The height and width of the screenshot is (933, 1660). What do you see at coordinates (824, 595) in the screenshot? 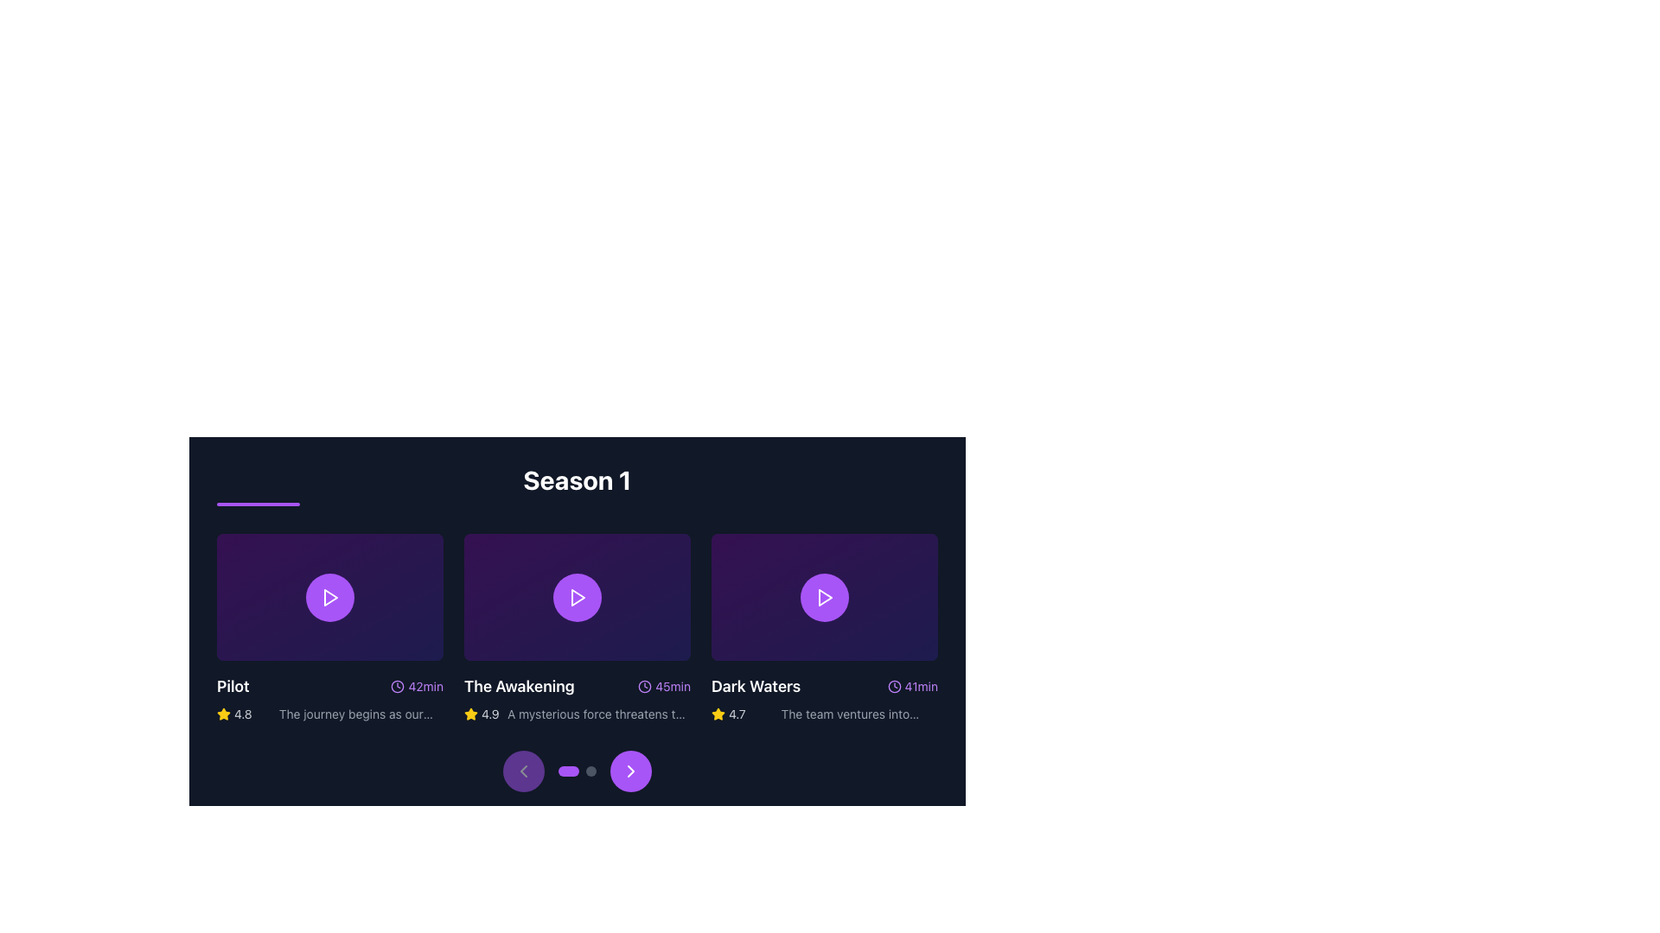
I see `the play button on the thumbnail for the episode 'Dark Waters'` at bounding box center [824, 595].